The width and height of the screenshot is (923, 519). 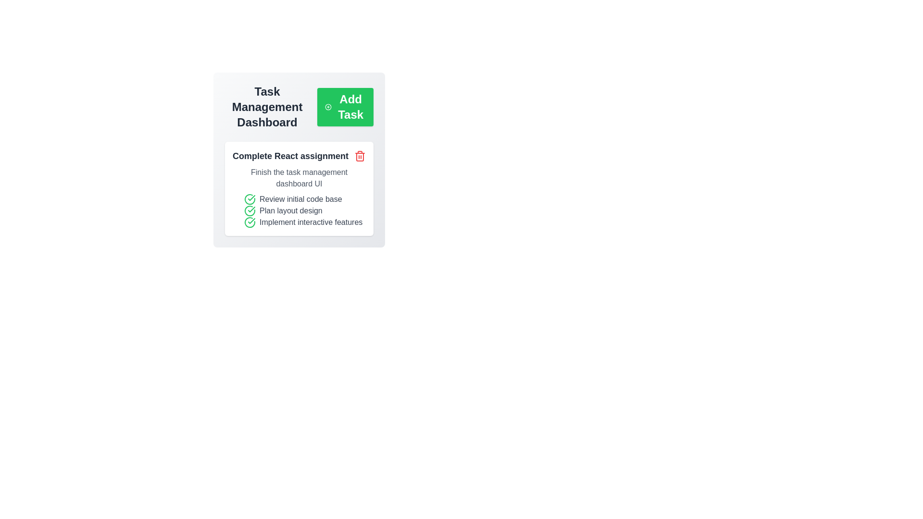 I want to click on the list item labeled 'Implement interactive features' with a green checkmark icon, so click(x=304, y=222).